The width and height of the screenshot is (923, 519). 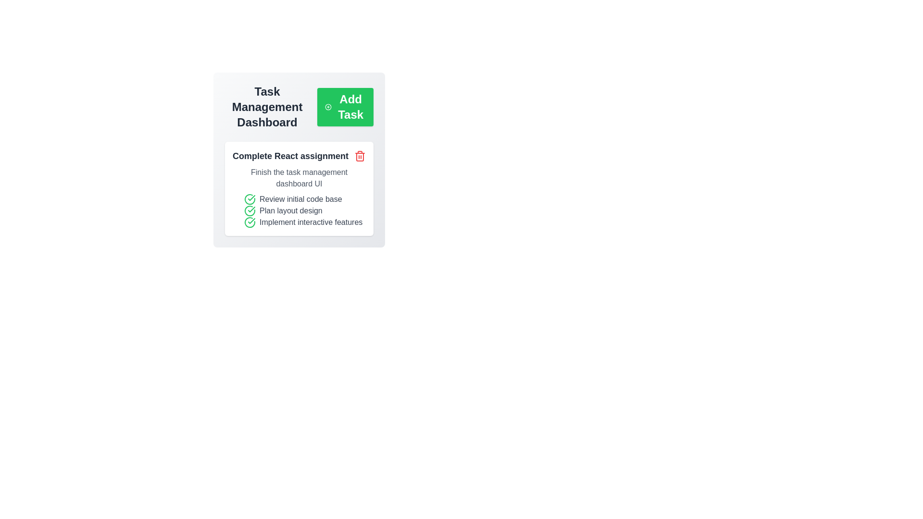 I want to click on the list item labeled 'Implement interactive features' with a green checkmark icon, so click(x=304, y=222).